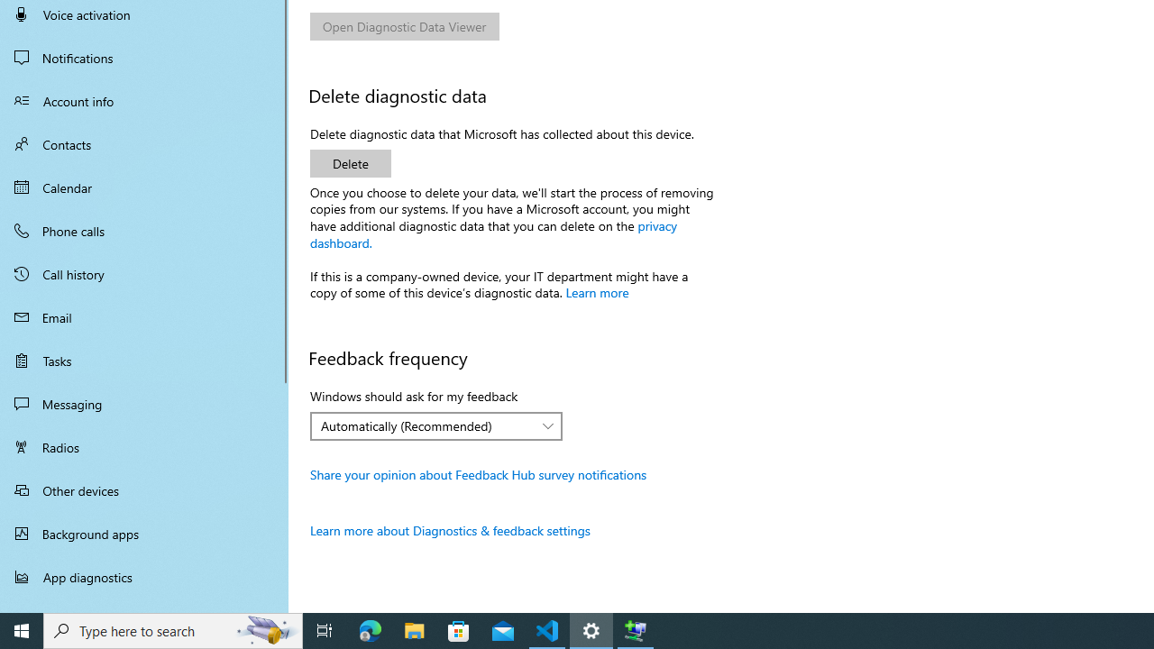 This screenshot has height=649, width=1154. I want to click on 'Call history', so click(144, 274).